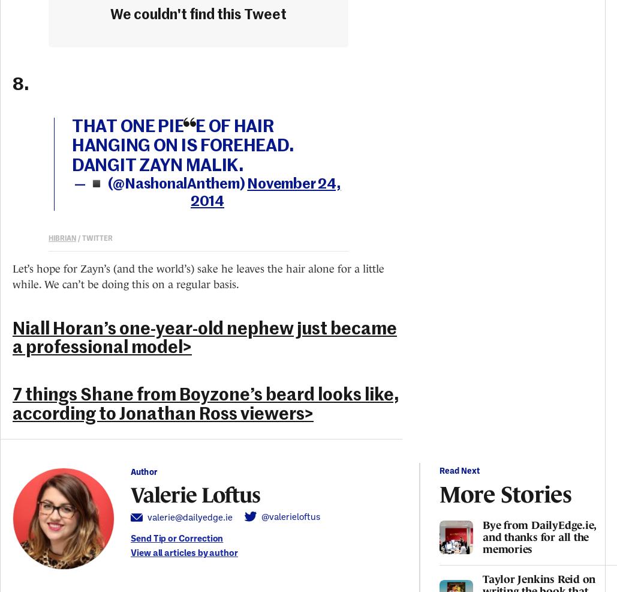 The height and width of the screenshot is (592, 617). I want to click on 'We couldn't find this Tweet', so click(198, 14).